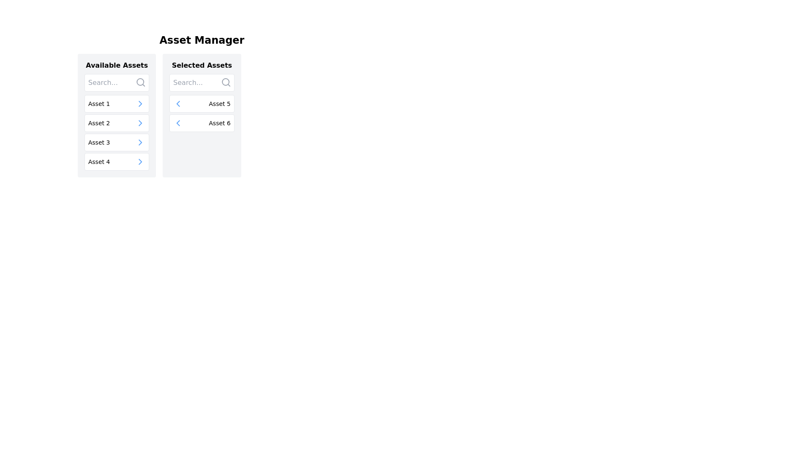 The height and width of the screenshot is (454, 807). What do you see at coordinates (140, 123) in the screenshot?
I see `the Chevron Icon located to the right of the 'Asset 2' entry in the 'Available Assets' section to retrieve additional information` at bounding box center [140, 123].